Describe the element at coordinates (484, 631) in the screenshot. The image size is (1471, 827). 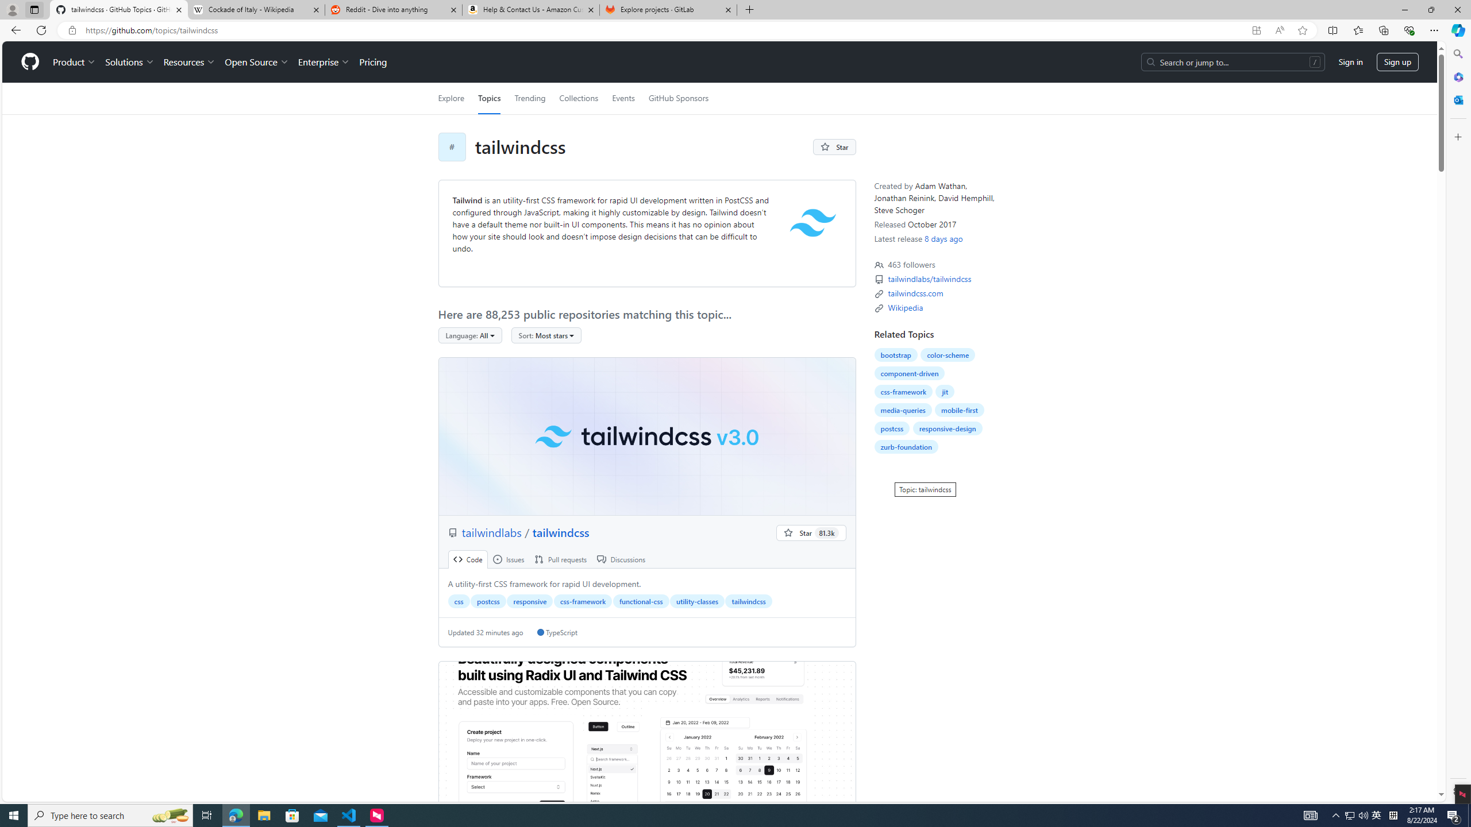
I see `'Updated 32 minutes ago'` at that location.